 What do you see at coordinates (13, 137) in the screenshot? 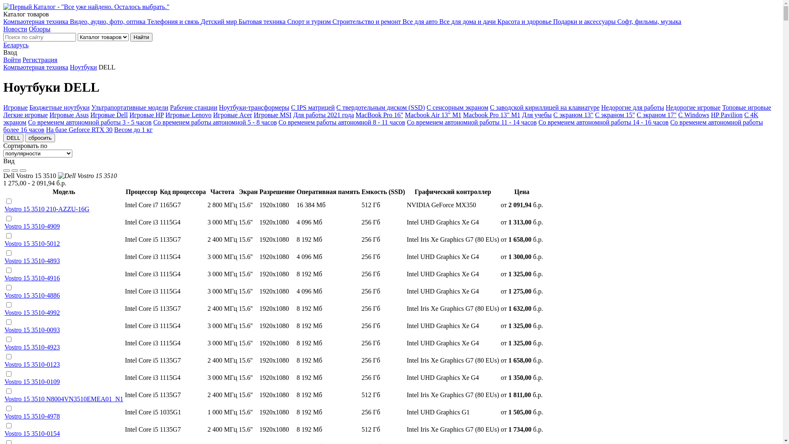
I see `'DELL'` at bounding box center [13, 137].